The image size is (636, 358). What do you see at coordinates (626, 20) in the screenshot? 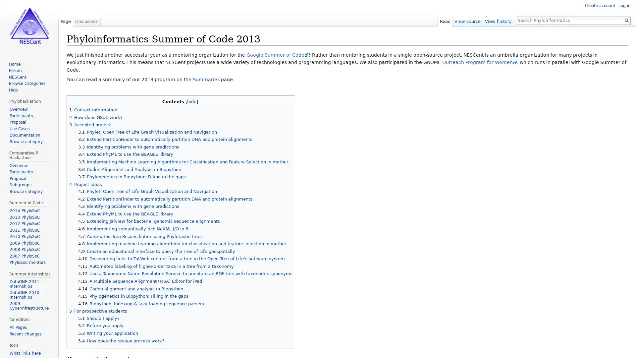
I see `Go` at bounding box center [626, 20].